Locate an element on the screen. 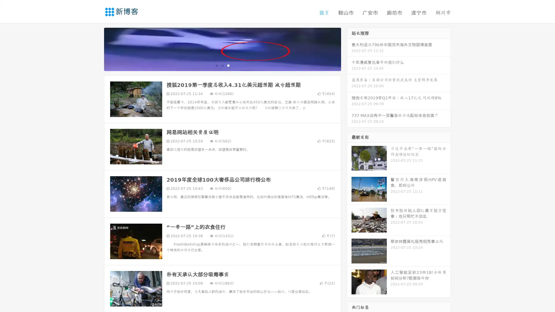 This screenshot has width=555, height=312. Go to slide 3 is located at coordinates (228, 65).